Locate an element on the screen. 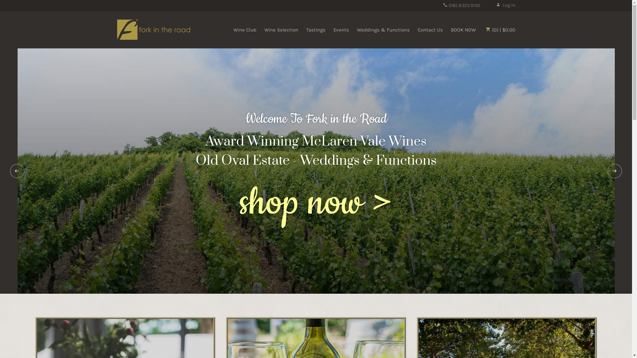 This screenshot has width=637, height=358. 'Fork In The Road Wines' is located at coordinates (153, 29).